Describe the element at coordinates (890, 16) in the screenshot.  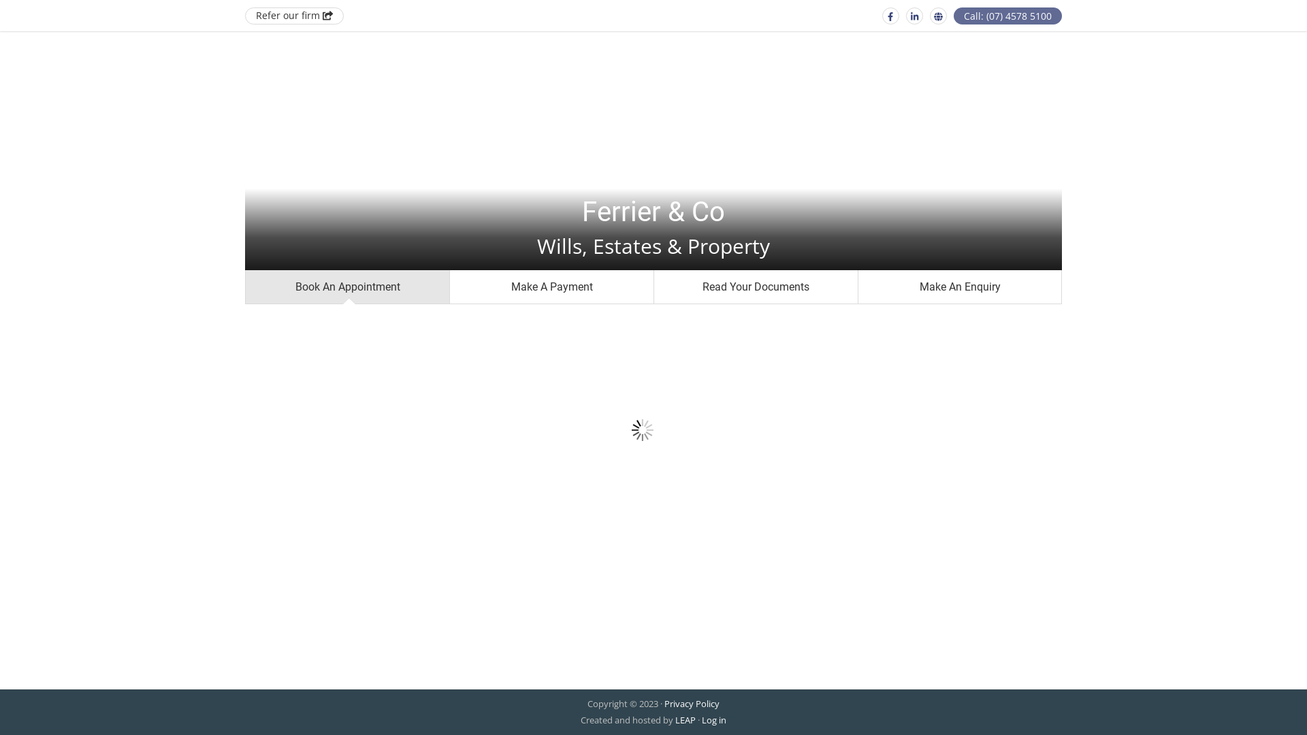
I see `'Facebook'` at that location.